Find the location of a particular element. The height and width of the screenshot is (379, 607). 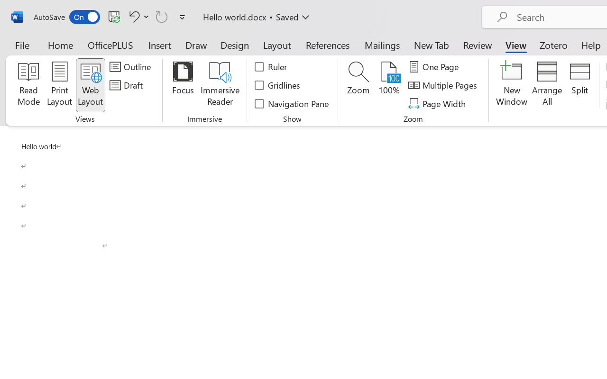

'Insert' is located at coordinates (160, 45).